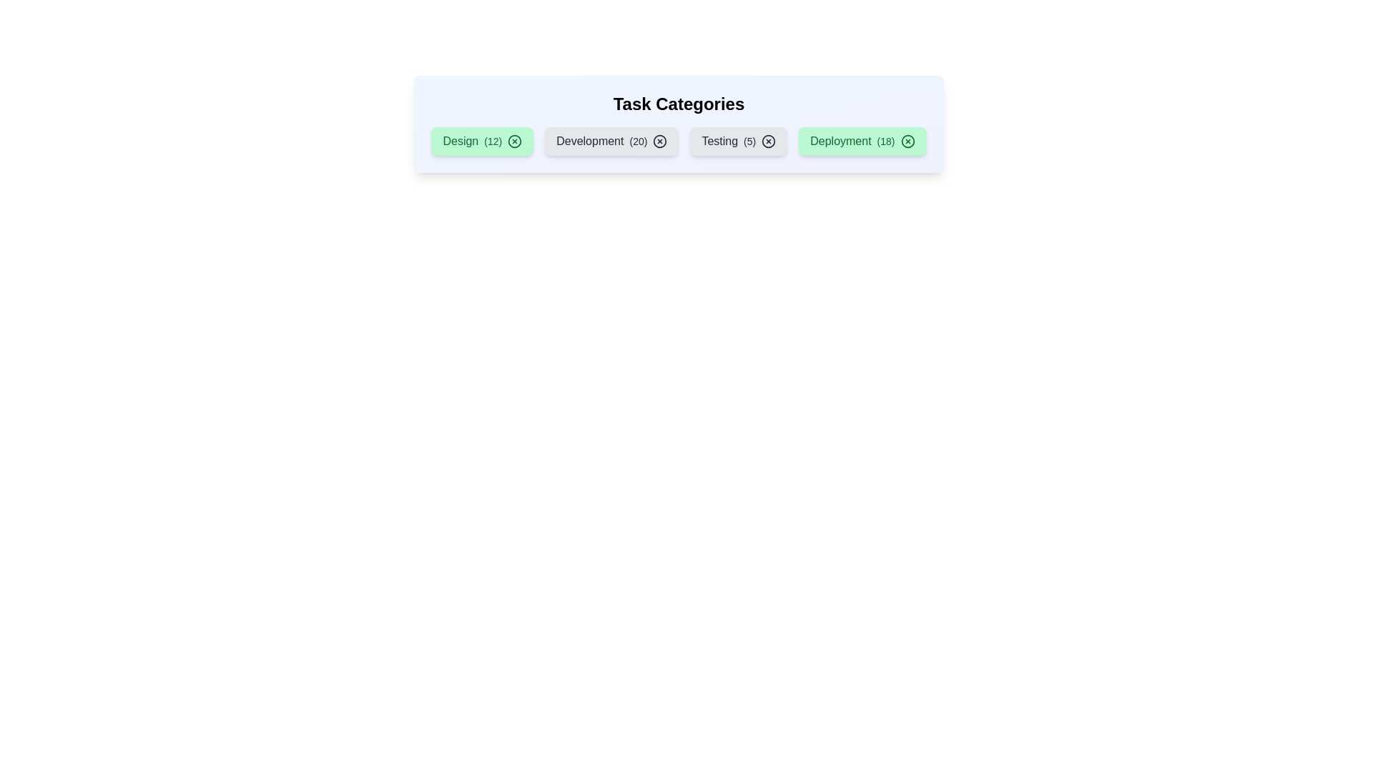  I want to click on 'X' icon on the chip labeled 'Design' to remove it, so click(515, 141).